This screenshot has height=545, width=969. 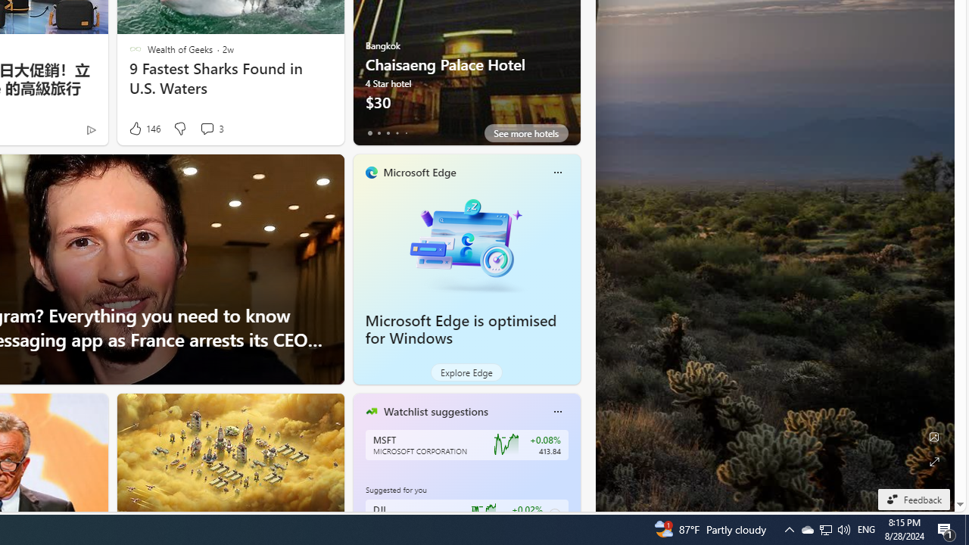 What do you see at coordinates (406, 132) in the screenshot?
I see `'tab-4'` at bounding box center [406, 132].